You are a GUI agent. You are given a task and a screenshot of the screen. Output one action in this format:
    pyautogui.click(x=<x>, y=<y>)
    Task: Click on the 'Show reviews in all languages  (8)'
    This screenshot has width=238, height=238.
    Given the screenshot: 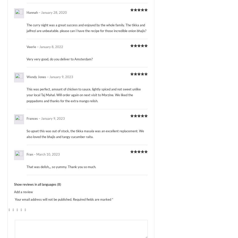 What is the action you would take?
    pyautogui.click(x=38, y=184)
    